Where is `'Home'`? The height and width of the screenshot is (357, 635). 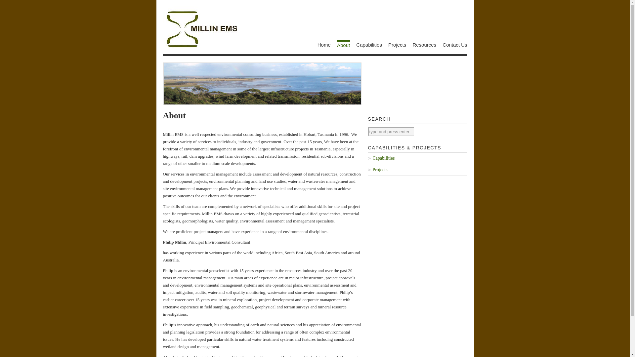
'Home' is located at coordinates (324, 45).